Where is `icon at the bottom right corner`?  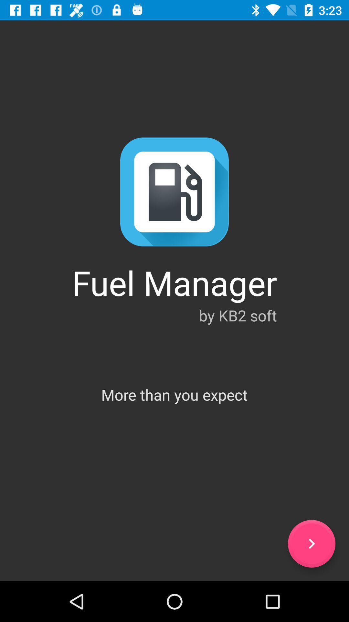 icon at the bottom right corner is located at coordinates (311, 544).